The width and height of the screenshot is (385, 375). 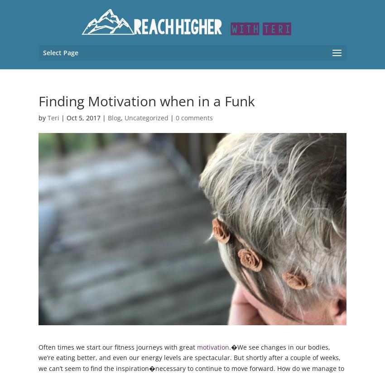 I want to click on 'Uncategorized', so click(x=146, y=118).